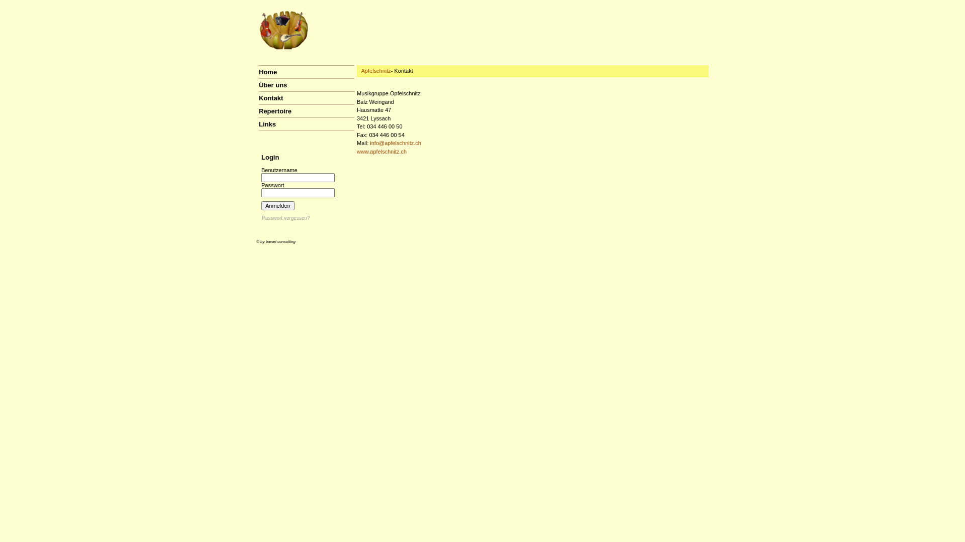 The height and width of the screenshot is (542, 965). What do you see at coordinates (262, 217) in the screenshot?
I see `'Passwort vergessen?'` at bounding box center [262, 217].